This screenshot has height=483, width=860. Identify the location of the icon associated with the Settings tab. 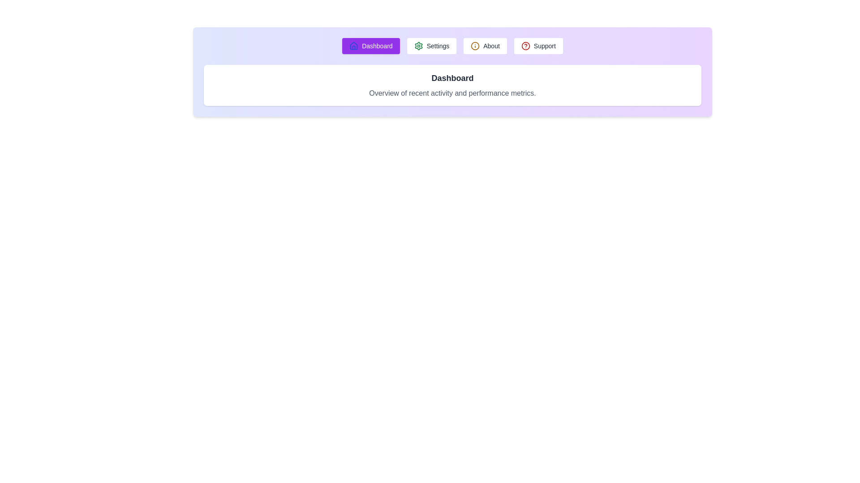
(418, 46).